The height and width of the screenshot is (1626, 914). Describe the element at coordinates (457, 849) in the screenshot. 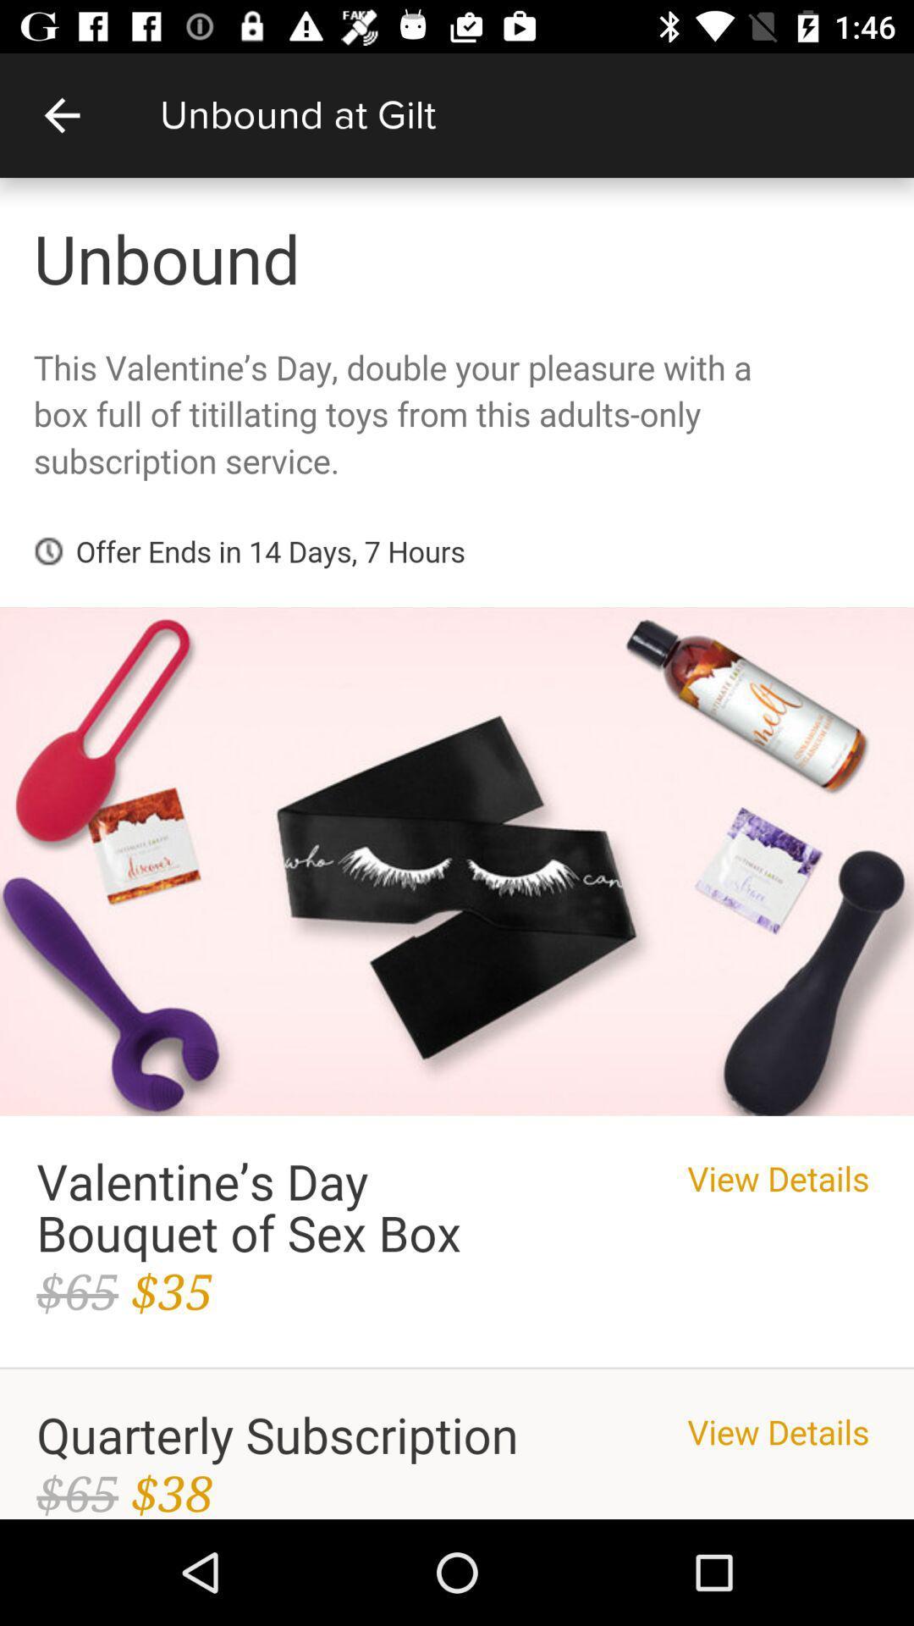

I see `image icone` at that location.